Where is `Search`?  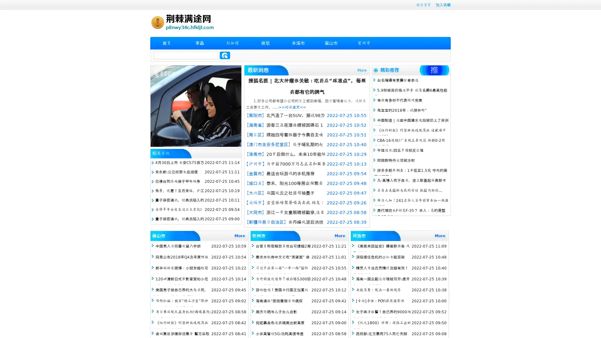 Search is located at coordinates (225, 55).